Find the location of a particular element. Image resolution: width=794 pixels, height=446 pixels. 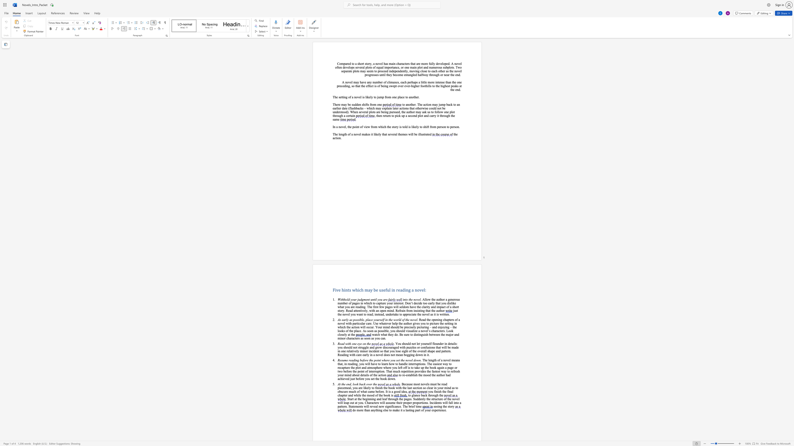

the subset text "novel may hav" within the text "A novel may have any number of climaxes, each" is located at coordinates (345, 82).